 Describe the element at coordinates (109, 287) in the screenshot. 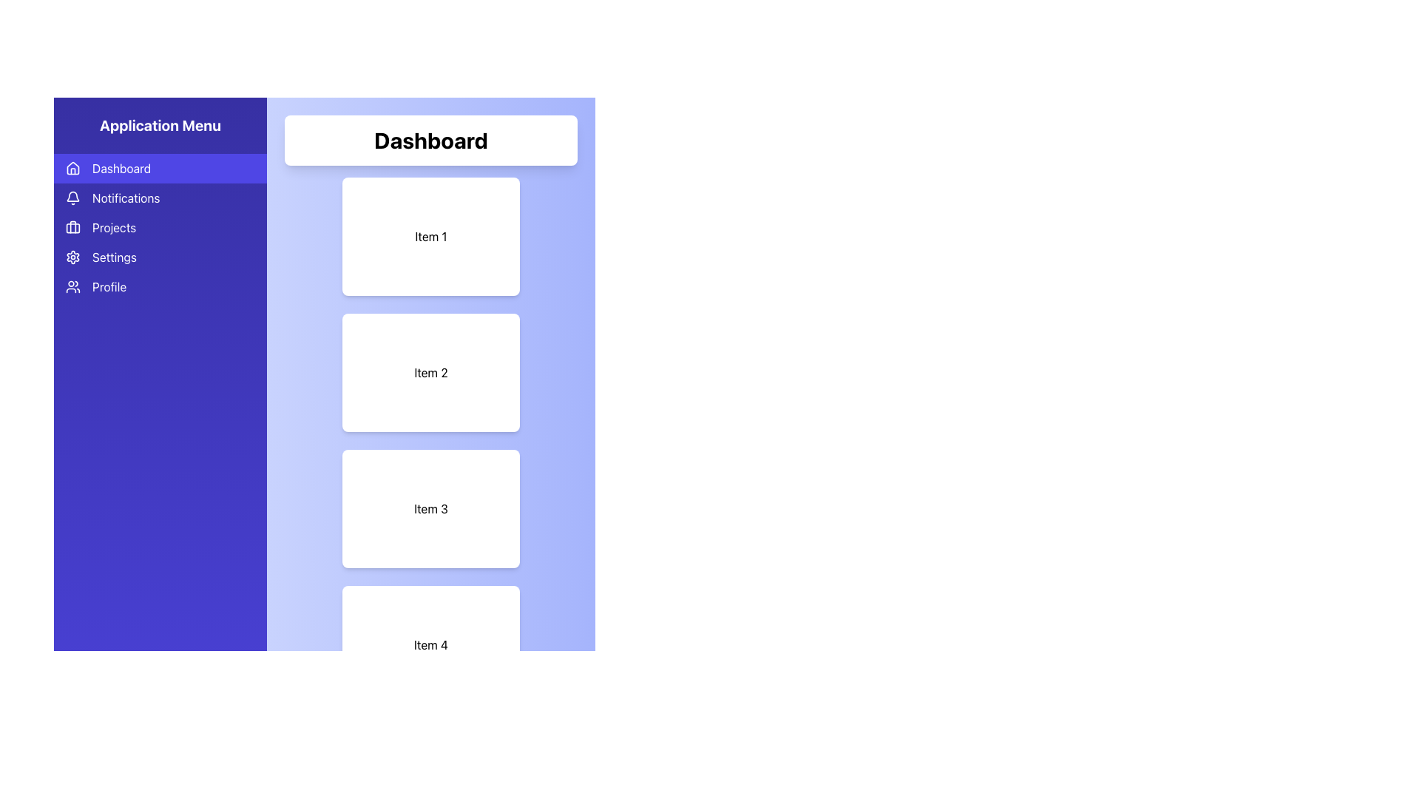

I see `the 'Profile' text label in the bottom-most position of the vertical navigation bar` at that location.